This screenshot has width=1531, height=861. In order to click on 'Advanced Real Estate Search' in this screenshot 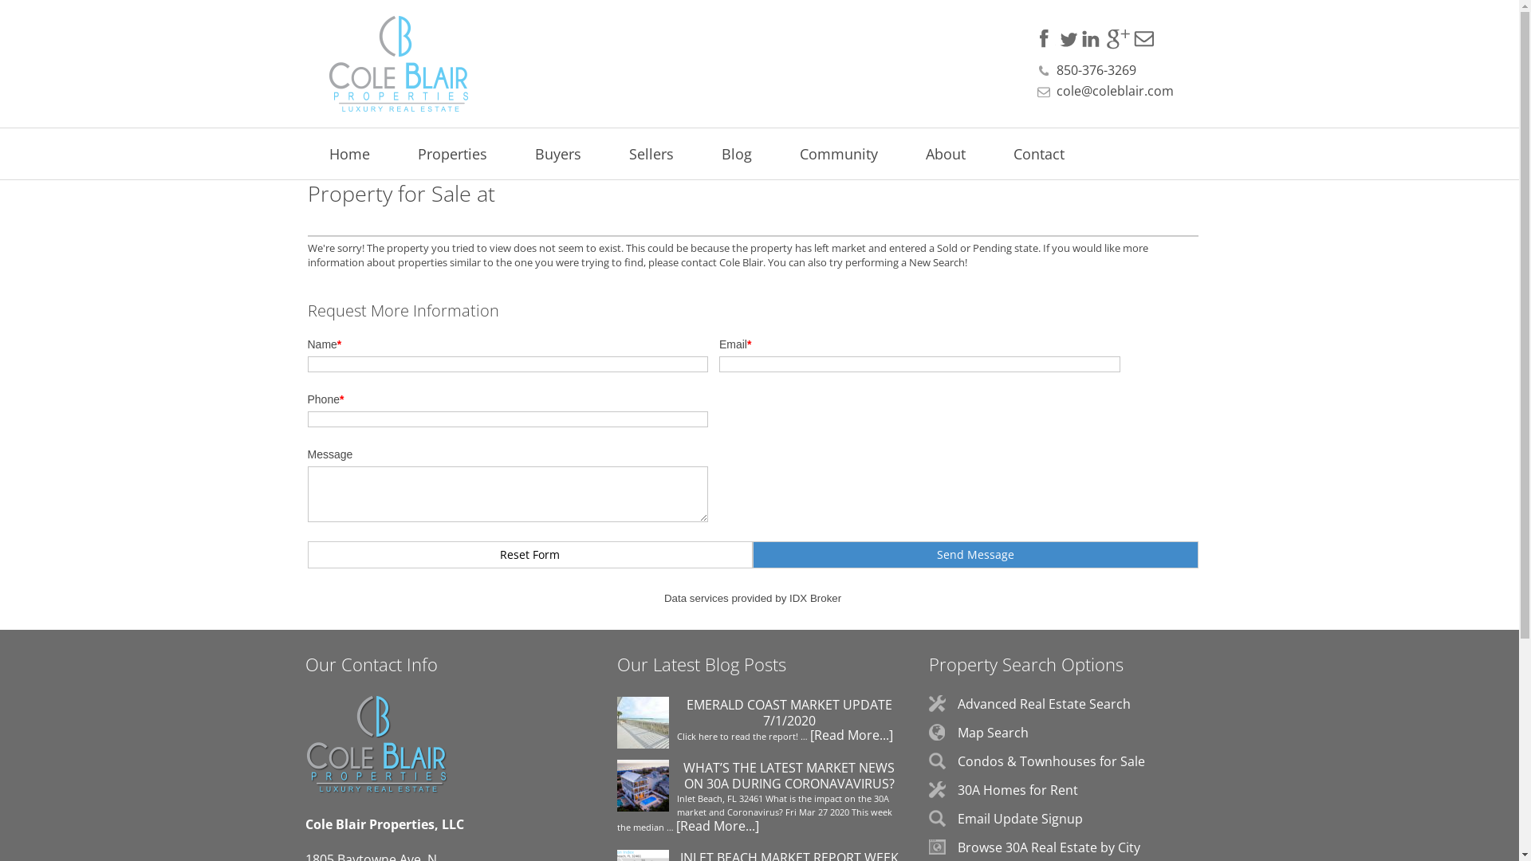, I will do `click(1044, 703)`.